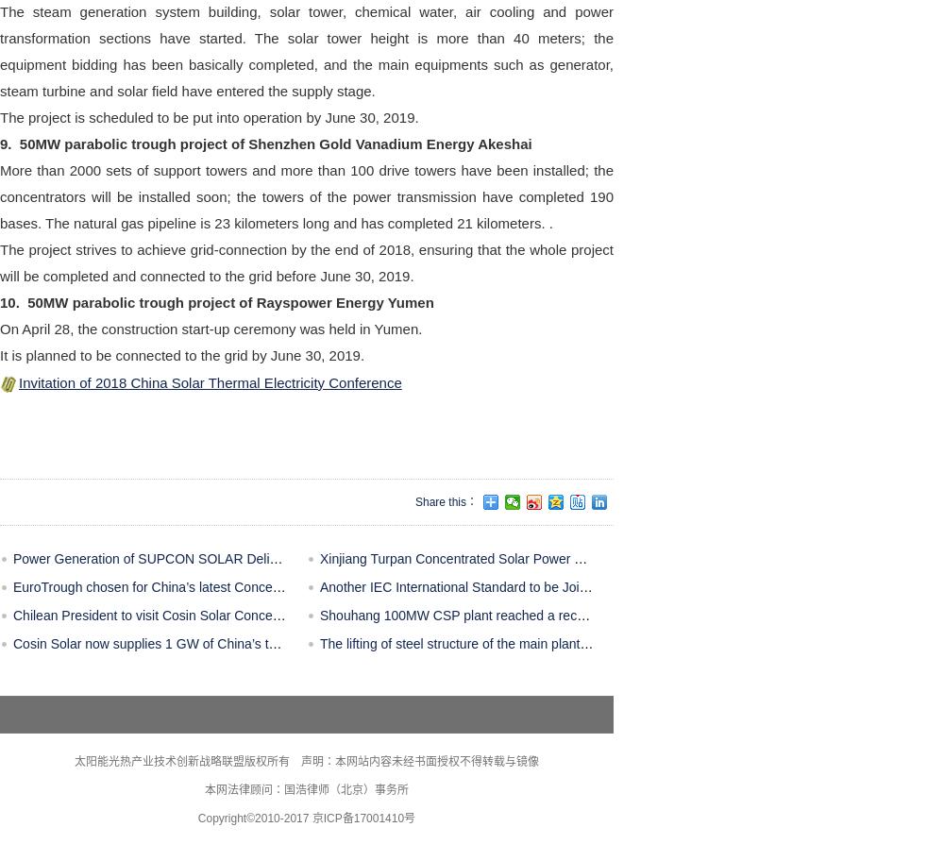 This screenshot has height=861, width=944. Describe the element at coordinates (215, 301) in the screenshot. I see `'10.  50MW parabolic trough project of Rayspower Energy Yumen'` at that location.